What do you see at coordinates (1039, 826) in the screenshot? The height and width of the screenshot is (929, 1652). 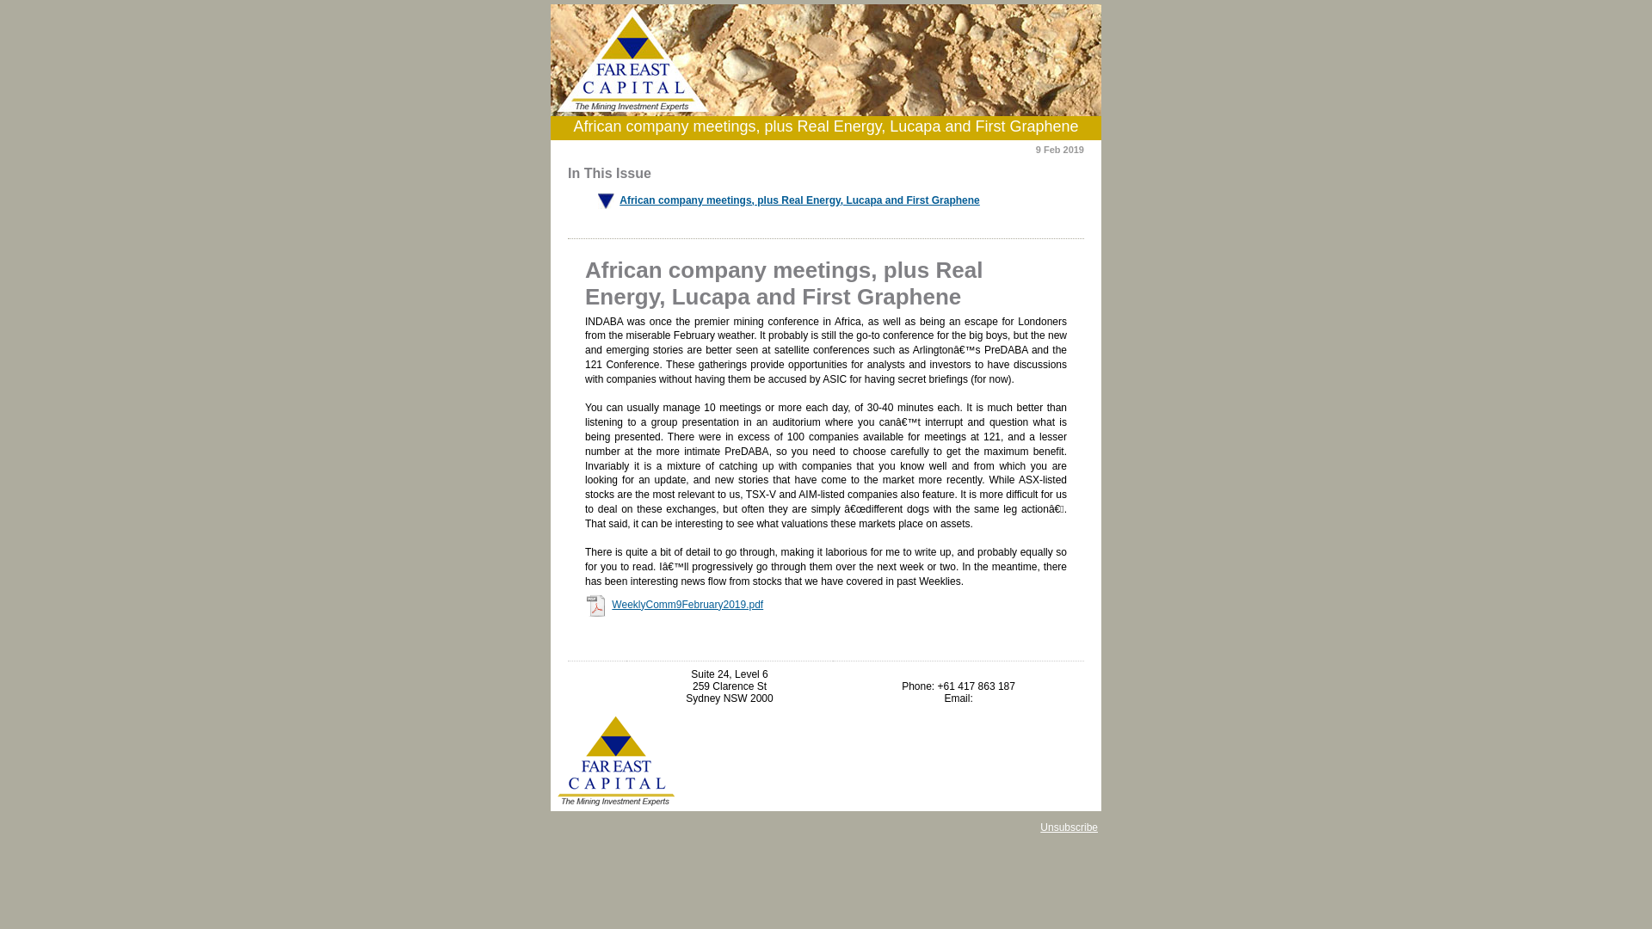 I see `'Unsubscribe'` at bounding box center [1039, 826].